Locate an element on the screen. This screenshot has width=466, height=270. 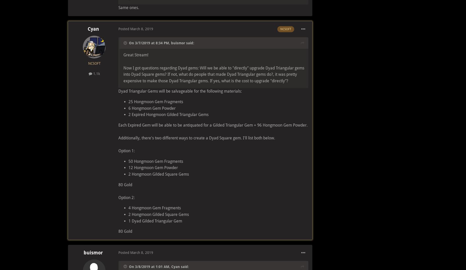
'Great Stream!' is located at coordinates (136, 55).